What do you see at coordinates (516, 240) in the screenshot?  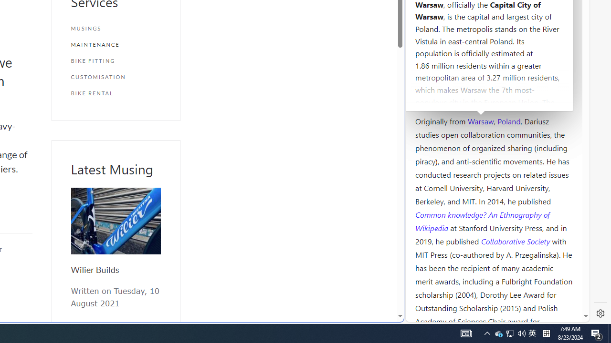 I see `'Collaborative Society '` at bounding box center [516, 240].